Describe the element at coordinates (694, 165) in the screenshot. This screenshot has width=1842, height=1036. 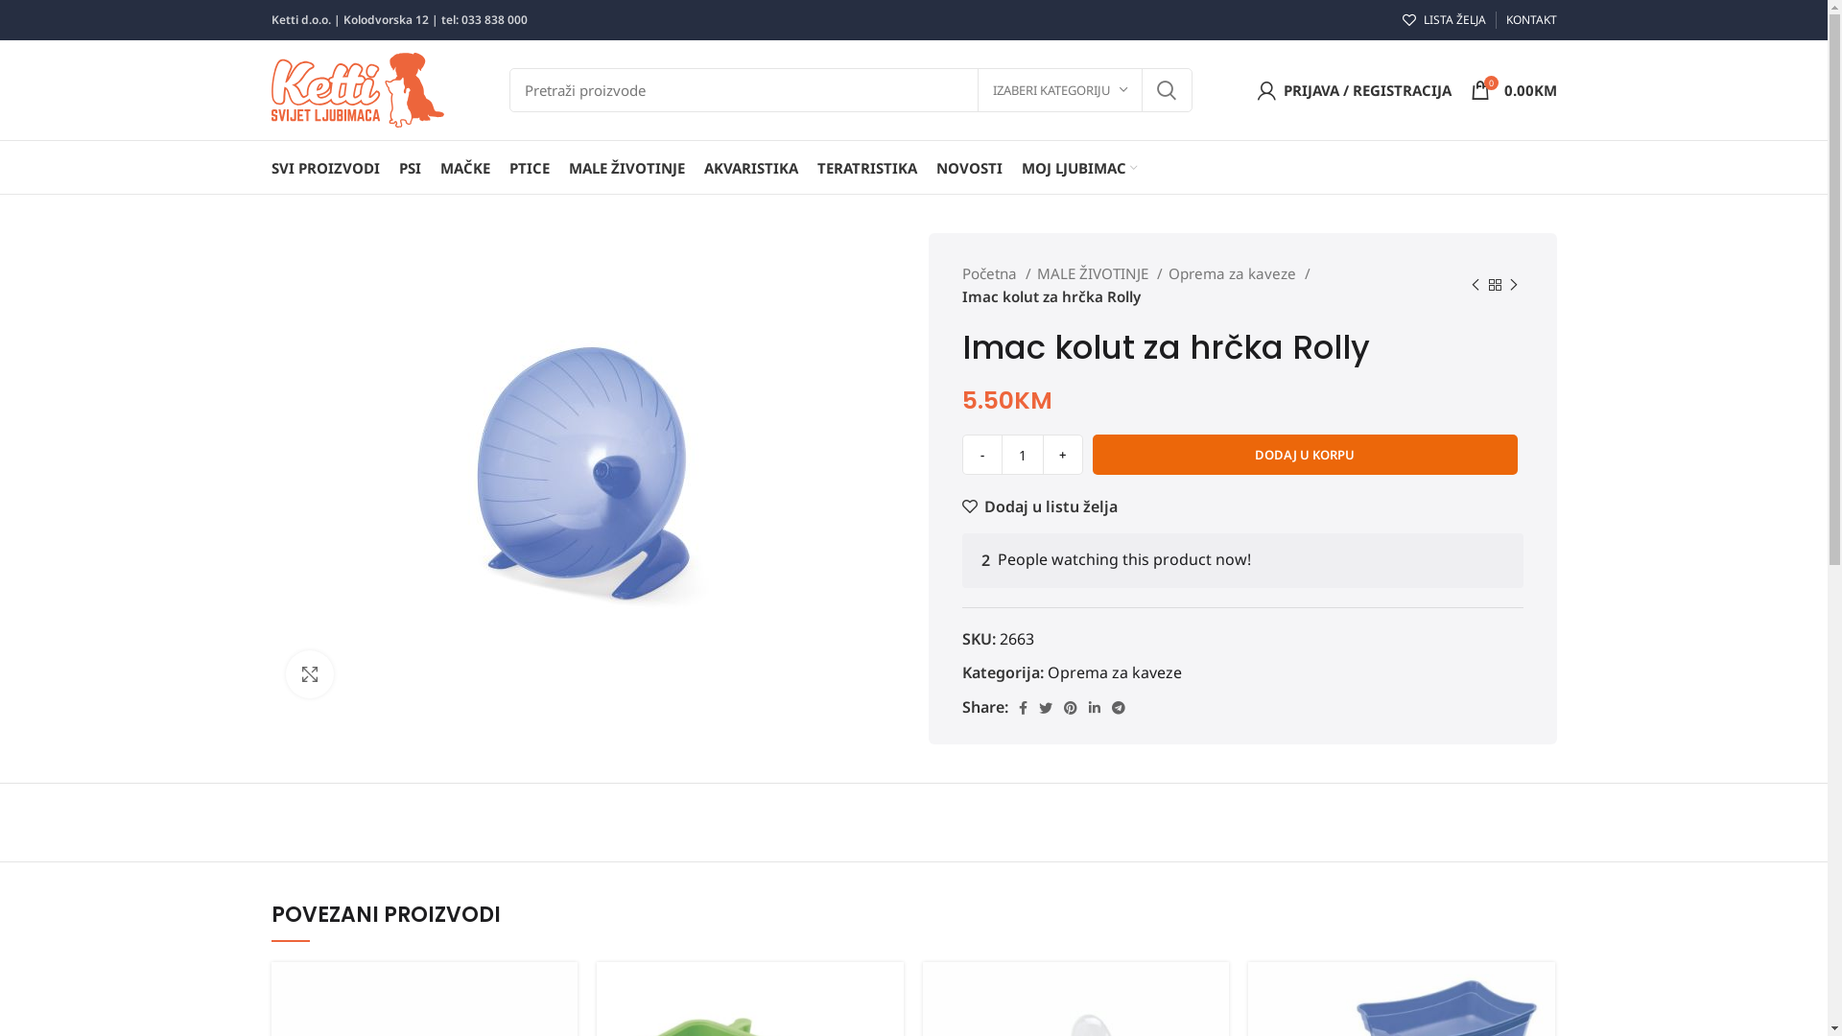
I see `'AKVARISTIKA'` at that location.